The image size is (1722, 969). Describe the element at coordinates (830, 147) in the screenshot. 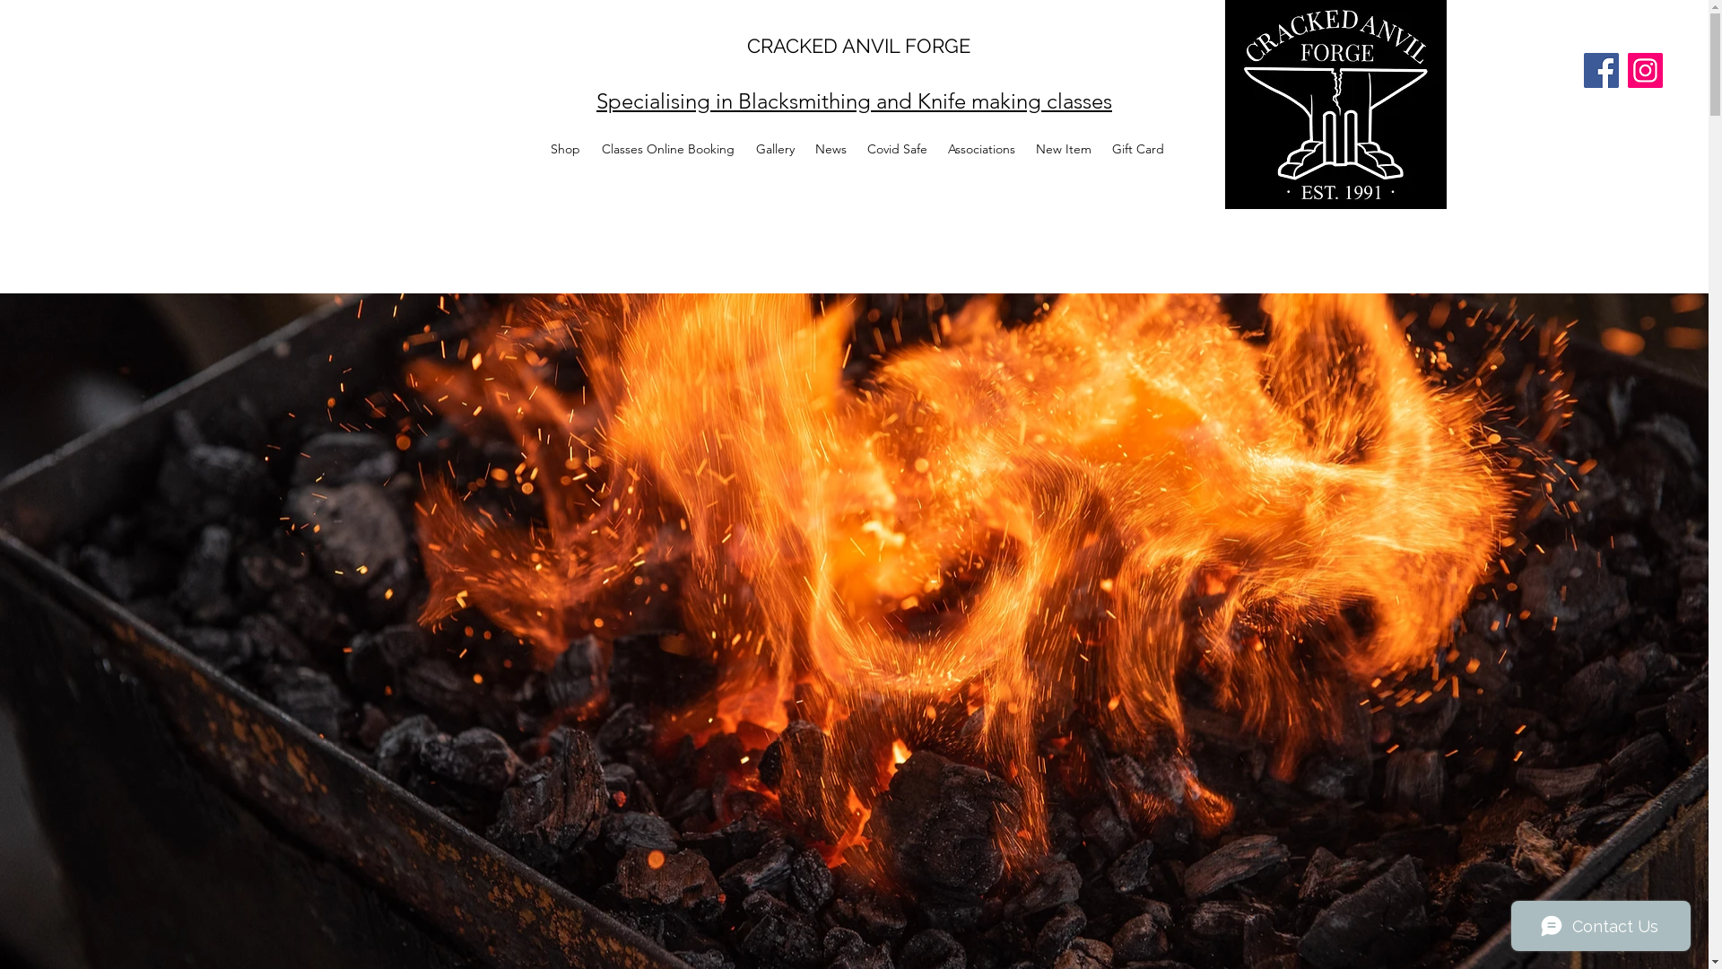

I see `'News'` at that location.